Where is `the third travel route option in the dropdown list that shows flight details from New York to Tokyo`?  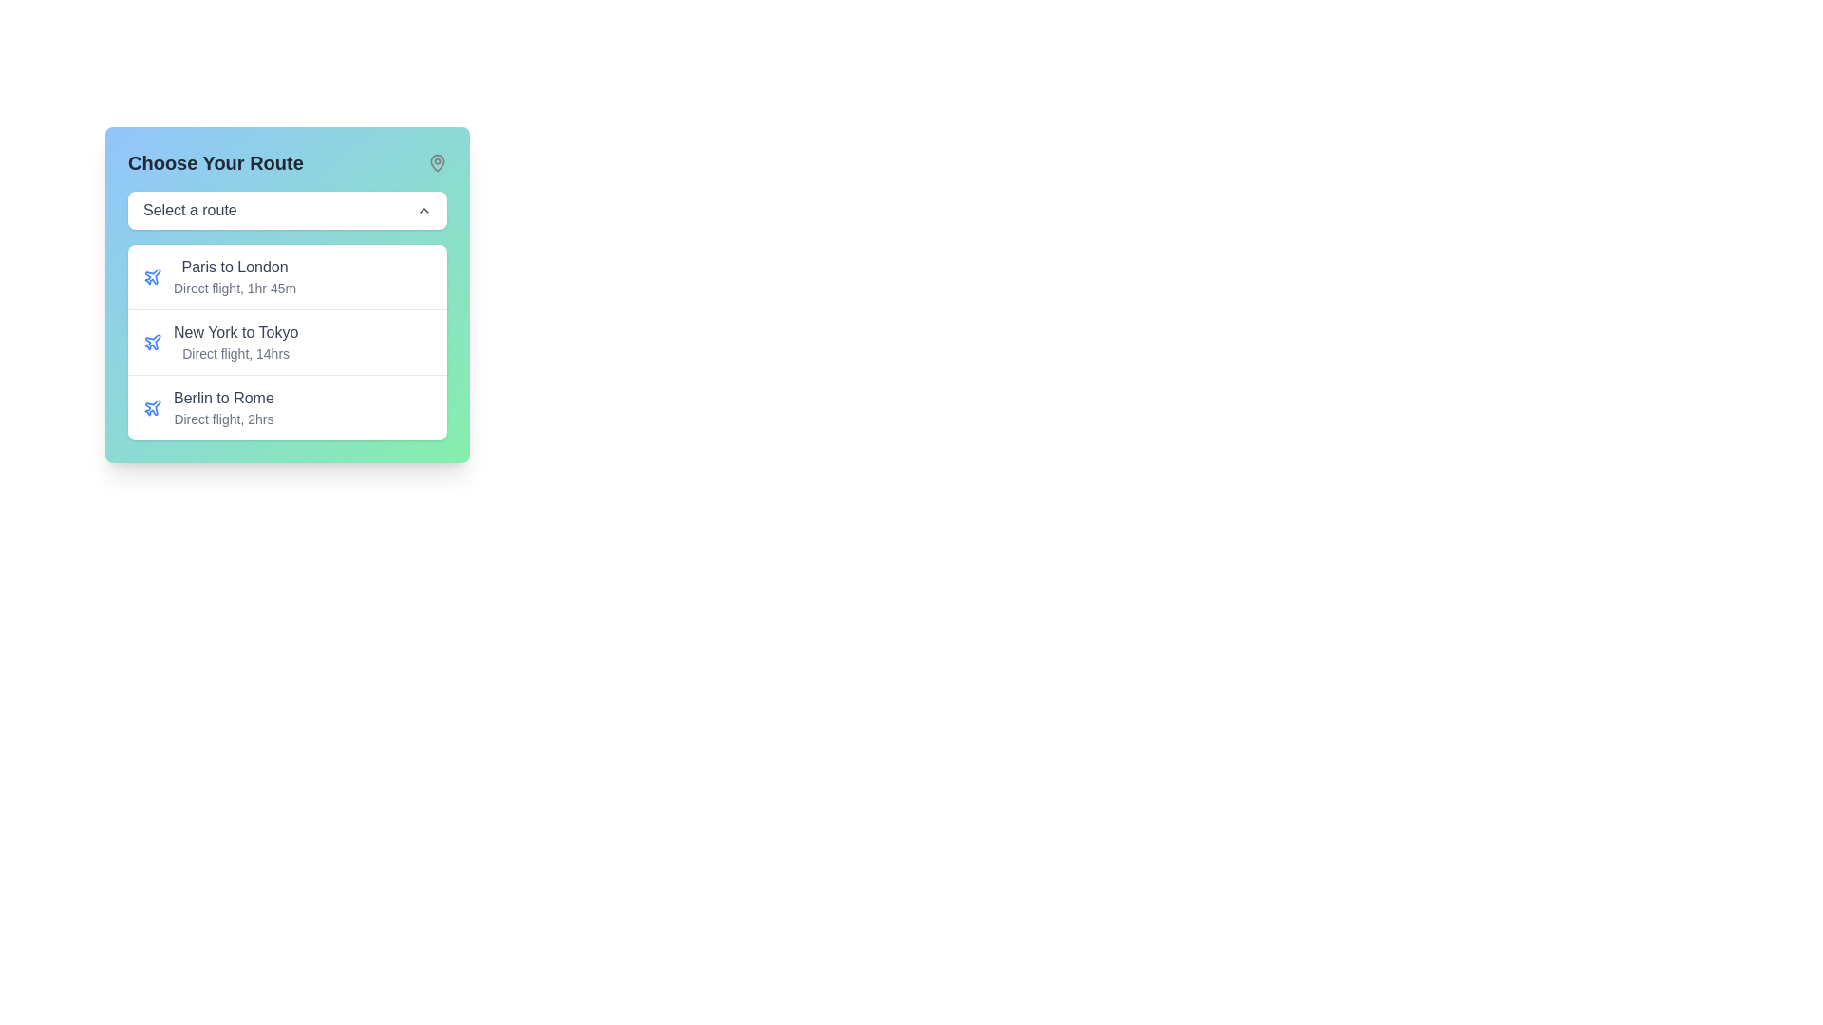 the third travel route option in the dropdown list that shows flight details from New York to Tokyo is located at coordinates (286, 406).